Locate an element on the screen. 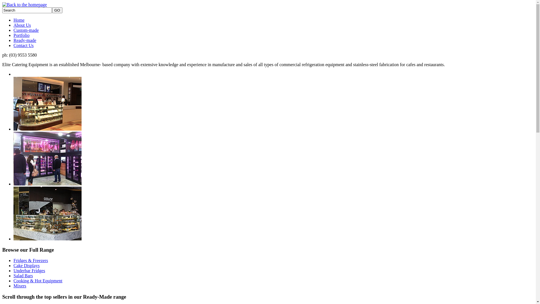 This screenshot has width=540, height=304. 'Underbar Fridges' is located at coordinates (29, 270).